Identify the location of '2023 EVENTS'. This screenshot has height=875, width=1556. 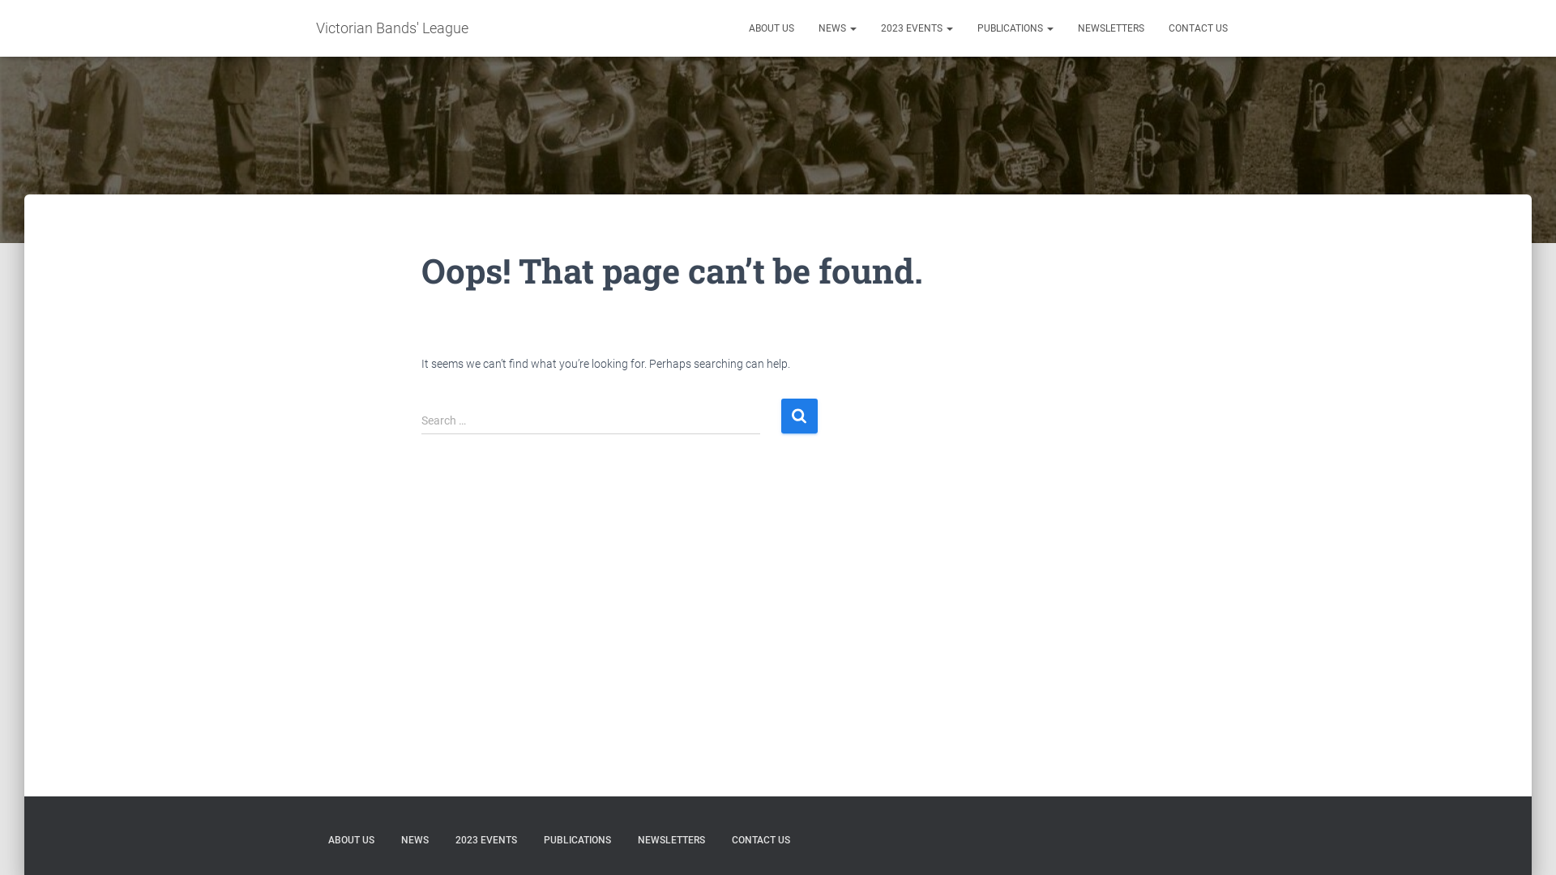
(917, 28).